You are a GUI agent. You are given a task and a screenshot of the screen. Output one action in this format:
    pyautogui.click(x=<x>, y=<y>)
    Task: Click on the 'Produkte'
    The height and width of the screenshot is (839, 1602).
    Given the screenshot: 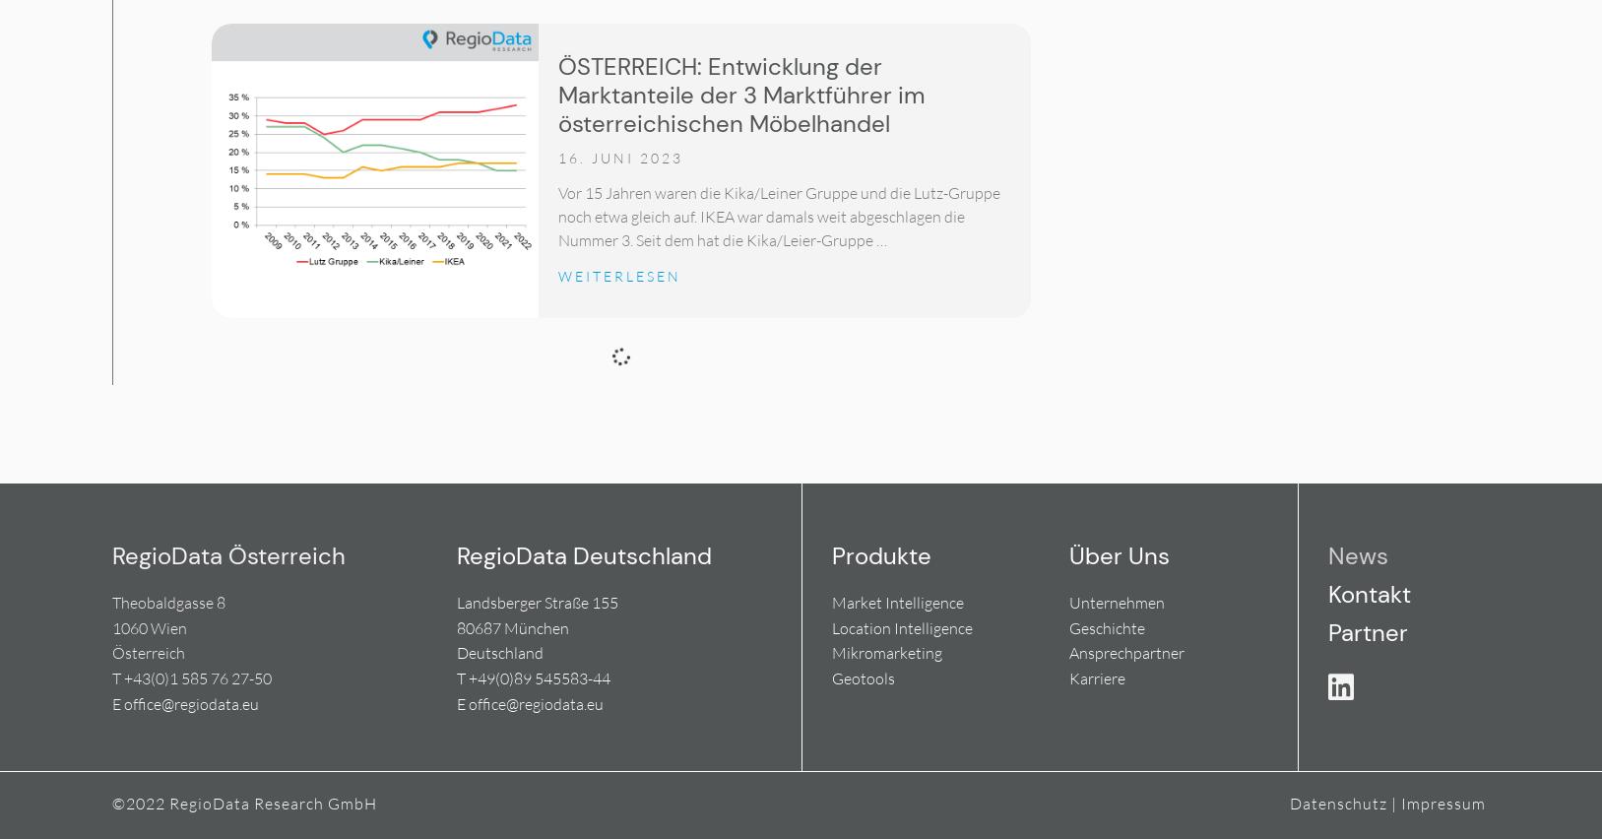 What is the action you would take?
    pyautogui.click(x=880, y=555)
    